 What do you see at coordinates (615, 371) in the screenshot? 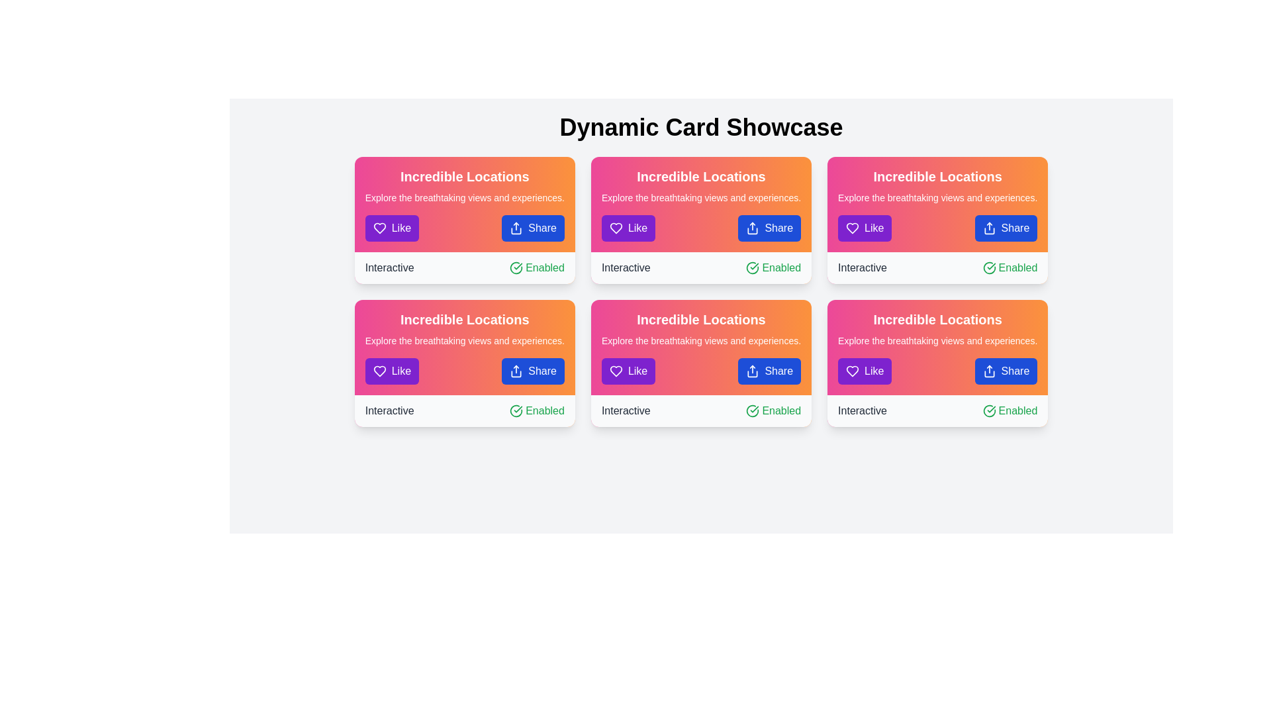
I see `the heart icon located inside the 'Like' button, which is part of the second card in the first row of the grid layout` at bounding box center [615, 371].